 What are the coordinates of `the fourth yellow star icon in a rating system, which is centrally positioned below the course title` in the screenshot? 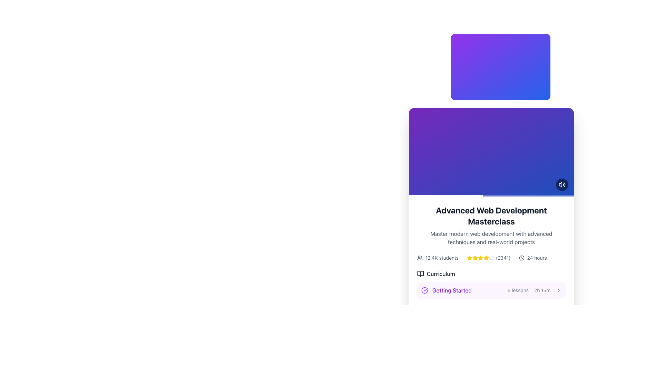 It's located at (480, 258).